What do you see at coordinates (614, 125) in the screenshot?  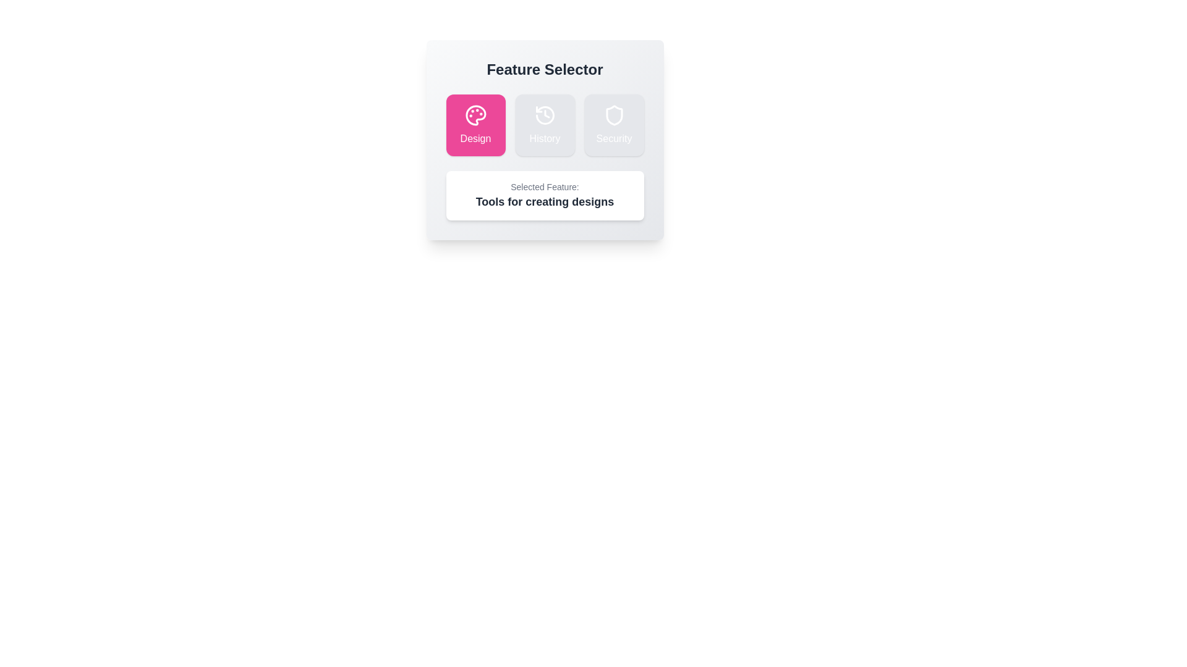 I see `the feature Security by clicking its button` at bounding box center [614, 125].